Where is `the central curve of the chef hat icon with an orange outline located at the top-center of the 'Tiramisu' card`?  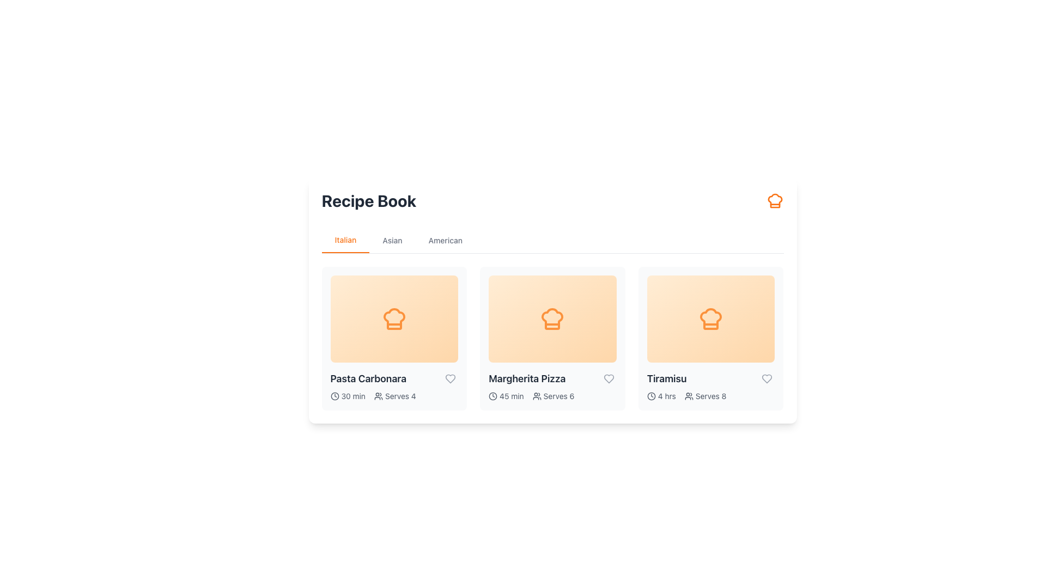 the central curve of the chef hat icon with an orange outline located at the top-center of the 'Tiramisu' card is located at coordinates (774, 201).